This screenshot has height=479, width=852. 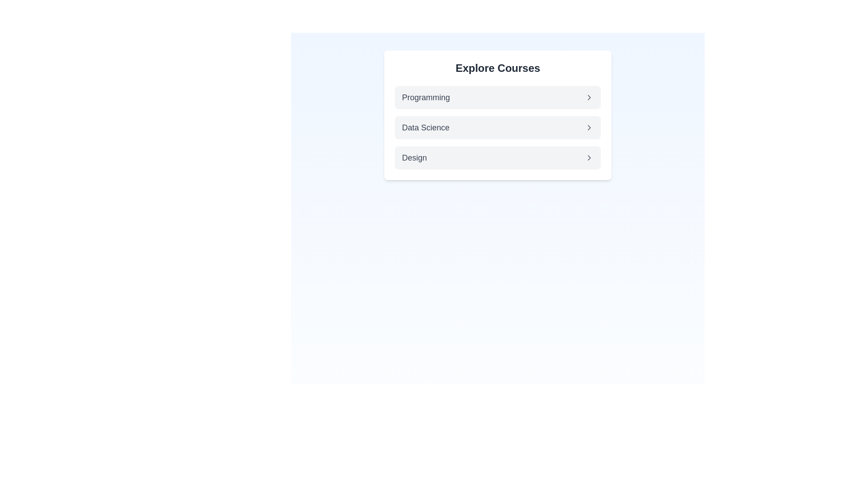 I want to click on the rightward-facing chevron icon located to the right of the 'Data Science' label in the second row of the 'Explore Courses' card, so click(x=589, y=128).